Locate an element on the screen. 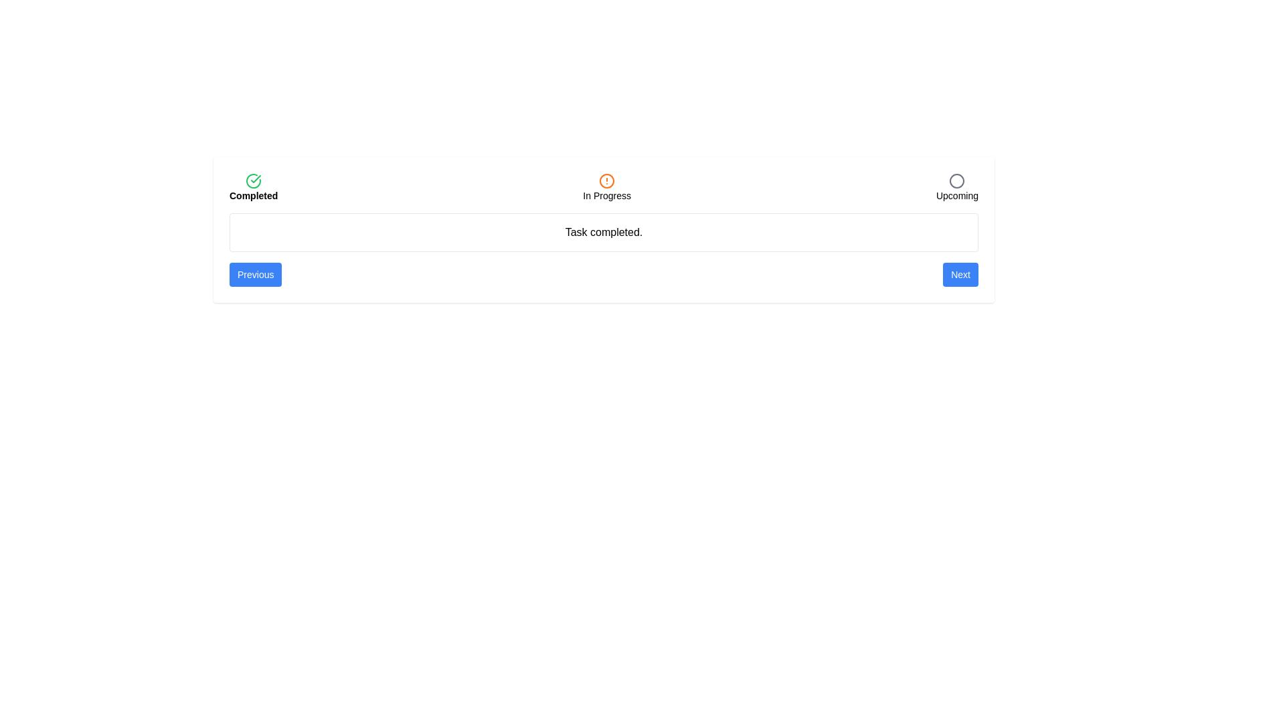 Image resolution: width=1285 pixels, height=722 pixels. the 'Next' button, which is a rectangular button with rounded corners, blue background, and white text located at the bottom-right corner of the interface is located at coordinates (960, 274).